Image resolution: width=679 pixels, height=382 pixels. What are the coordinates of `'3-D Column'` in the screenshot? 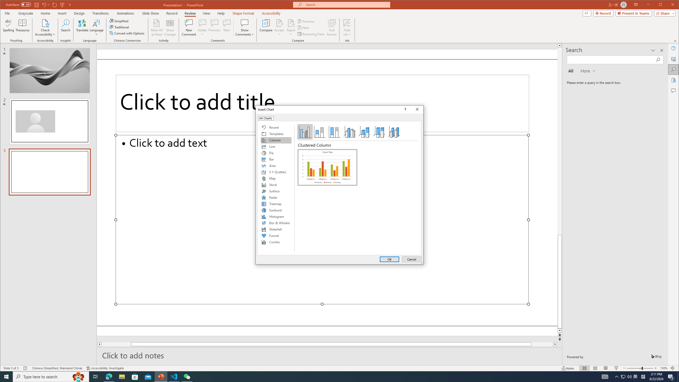 It's located at (394, 132).